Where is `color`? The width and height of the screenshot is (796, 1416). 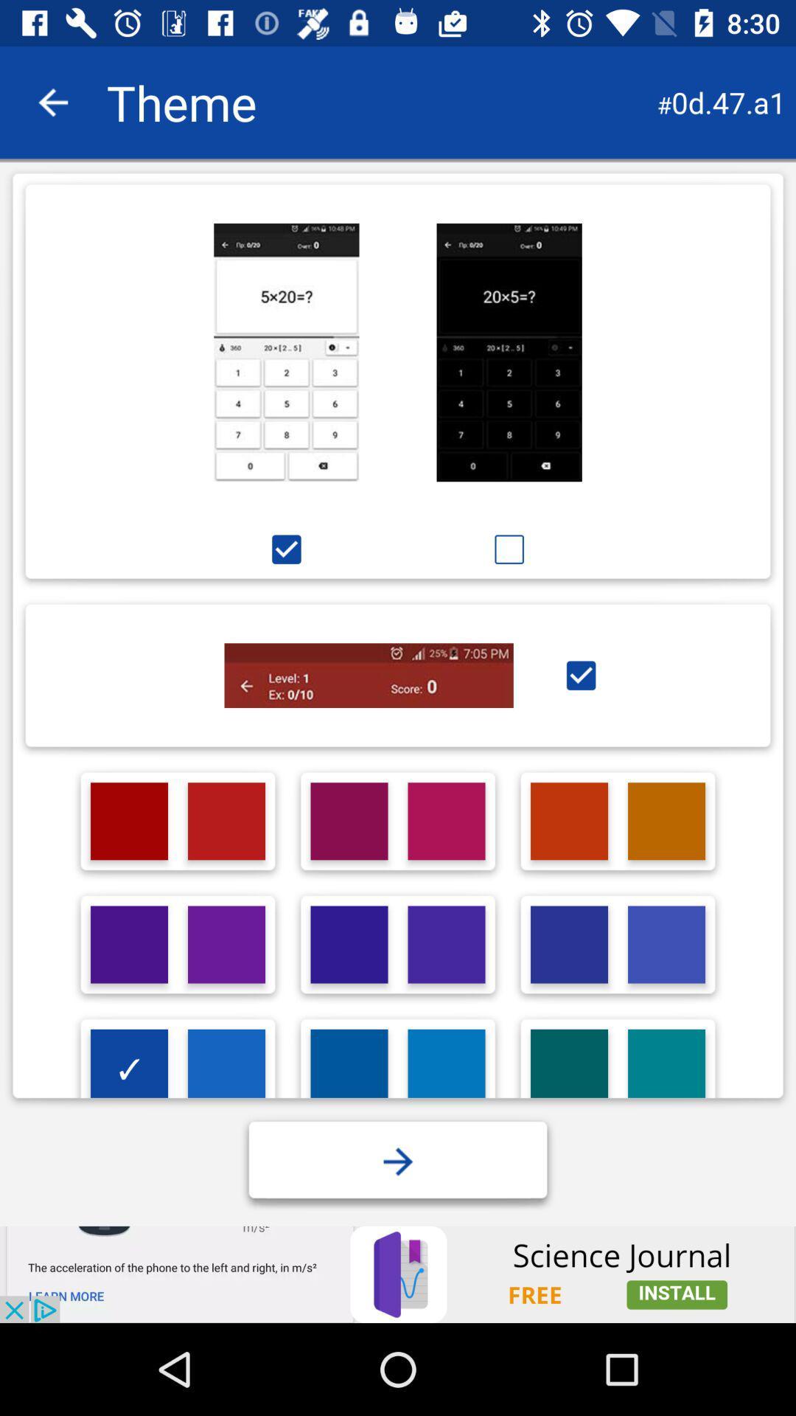
color is located at coordinates (666, 945).